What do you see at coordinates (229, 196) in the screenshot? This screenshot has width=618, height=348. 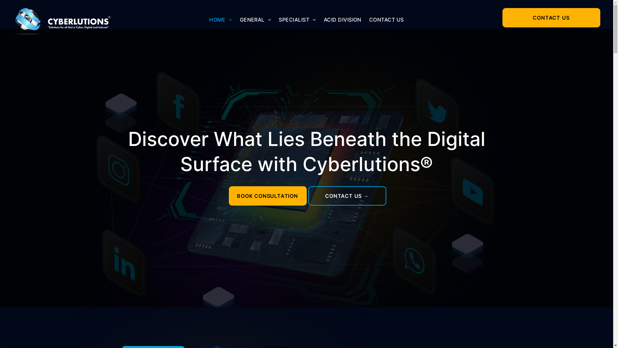 I see `'BOOK CONSULTATION'` at bounding box center [229, 196].